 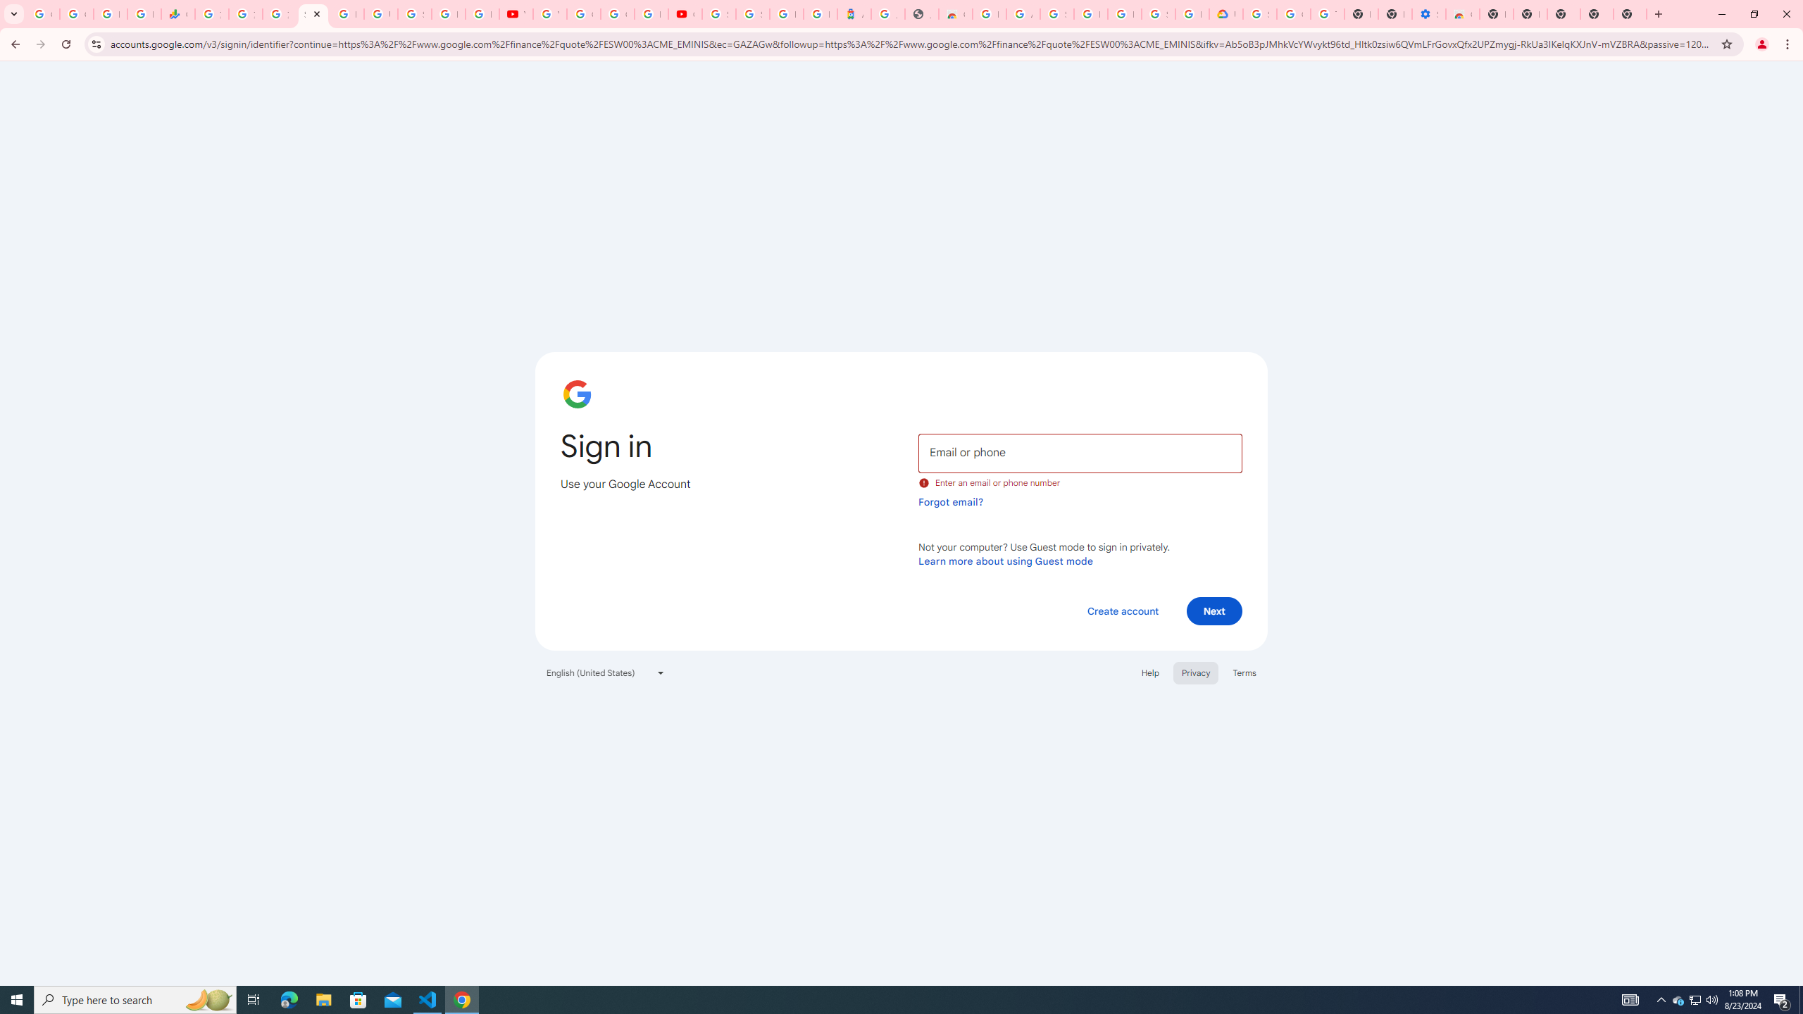 What do you see at coordinates (1122, 610) in the screenshot?
I see `'Create account'` at bounding box center [1122, 610].